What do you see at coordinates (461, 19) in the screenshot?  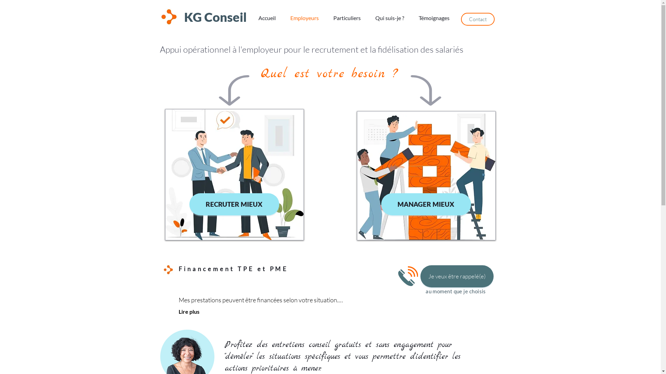 I see `'Contact'` at bounding box center [461, 19].